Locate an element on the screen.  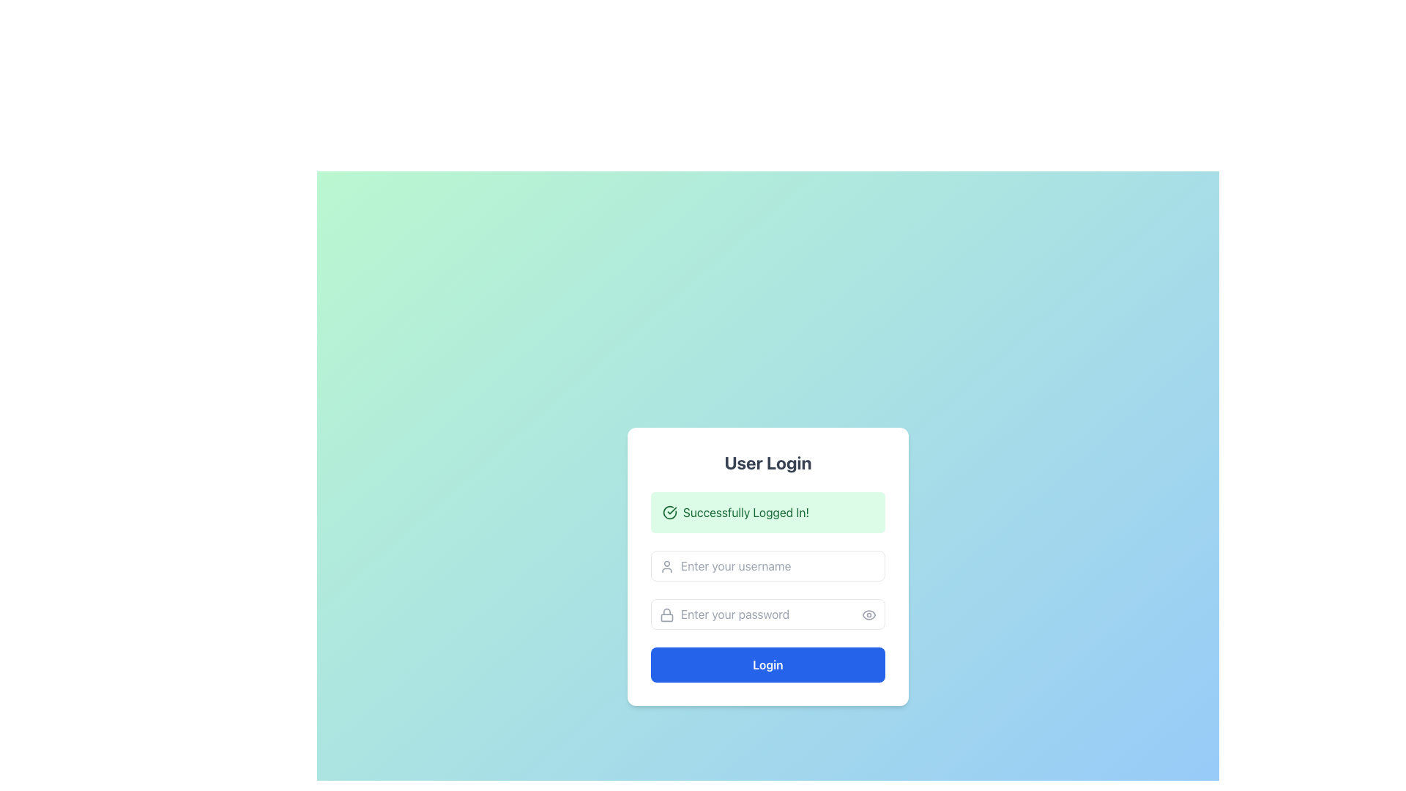
the username input field icon that indicates the purpose of the text input for entering a username is located at coordinates (666, 566).